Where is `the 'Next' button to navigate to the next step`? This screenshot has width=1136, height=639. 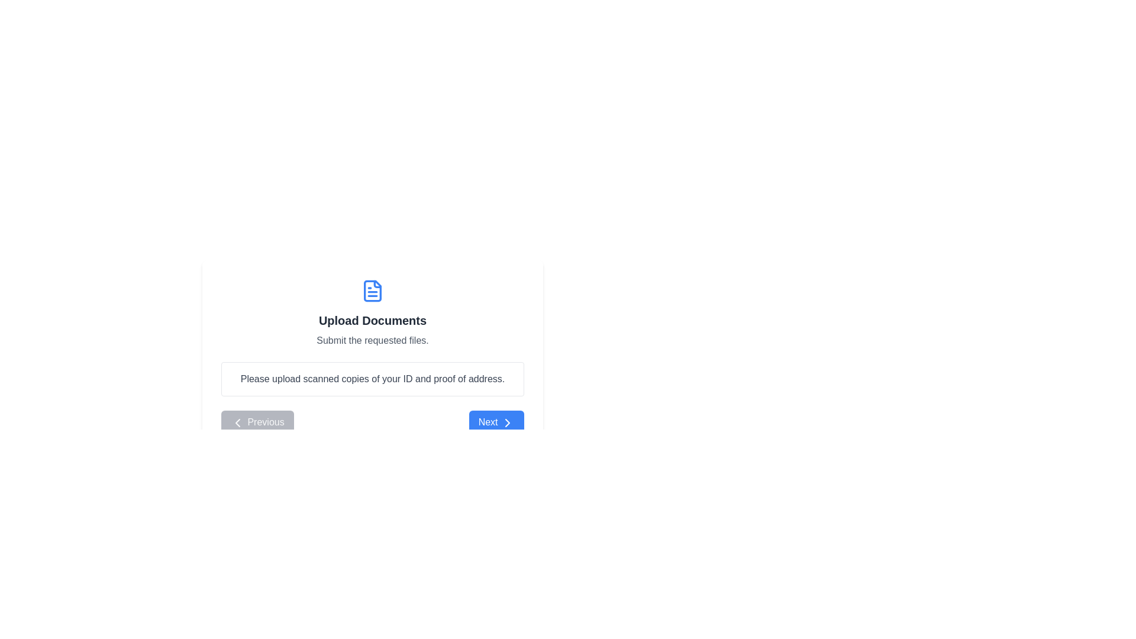
the 'Next' button to navigate to the next step is located at coordinates (496, 421).